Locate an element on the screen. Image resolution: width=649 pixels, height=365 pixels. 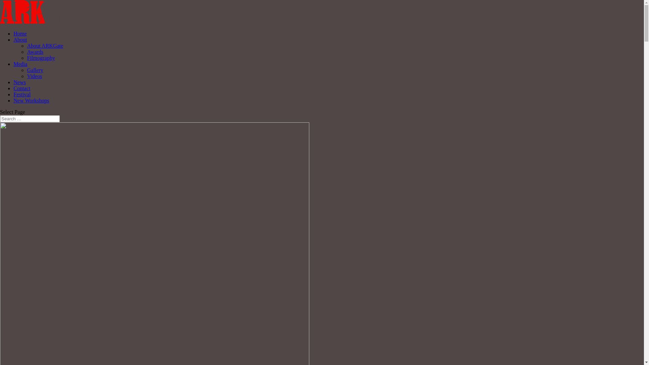
'Media' is located at coordinates (20, 64).